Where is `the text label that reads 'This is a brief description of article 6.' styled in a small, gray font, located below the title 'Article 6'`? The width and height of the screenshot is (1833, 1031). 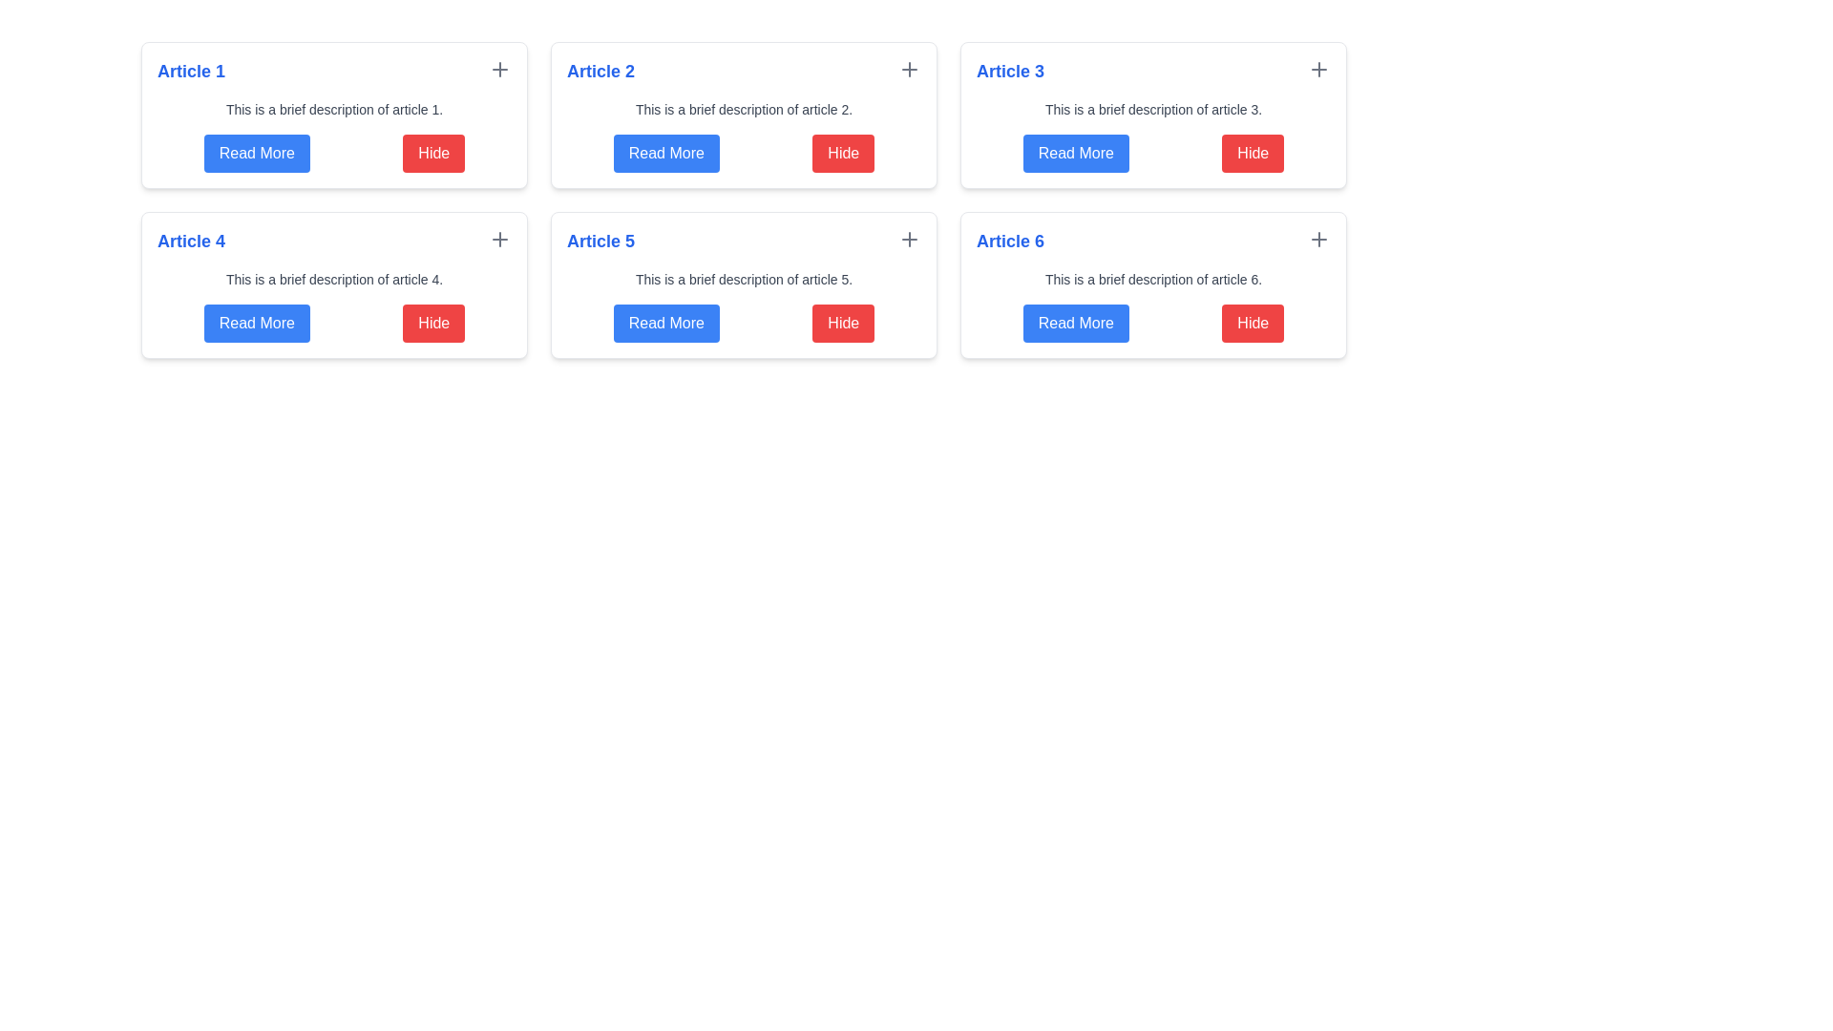
the text label that reads 'This is a brief description of article 6.' styled in a small, gray font, located below the title 'Article 6' is located at coordinates (1152, 280).